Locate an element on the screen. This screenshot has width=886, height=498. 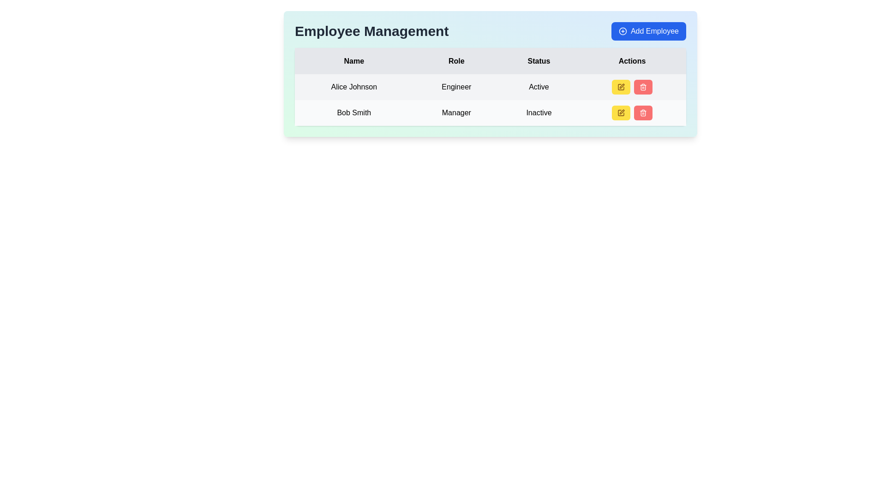
the pen-shaped icon within the yellow circular button in the second row under the 'Actions' column to initiate an edit action is located at coordinates (622, 112).